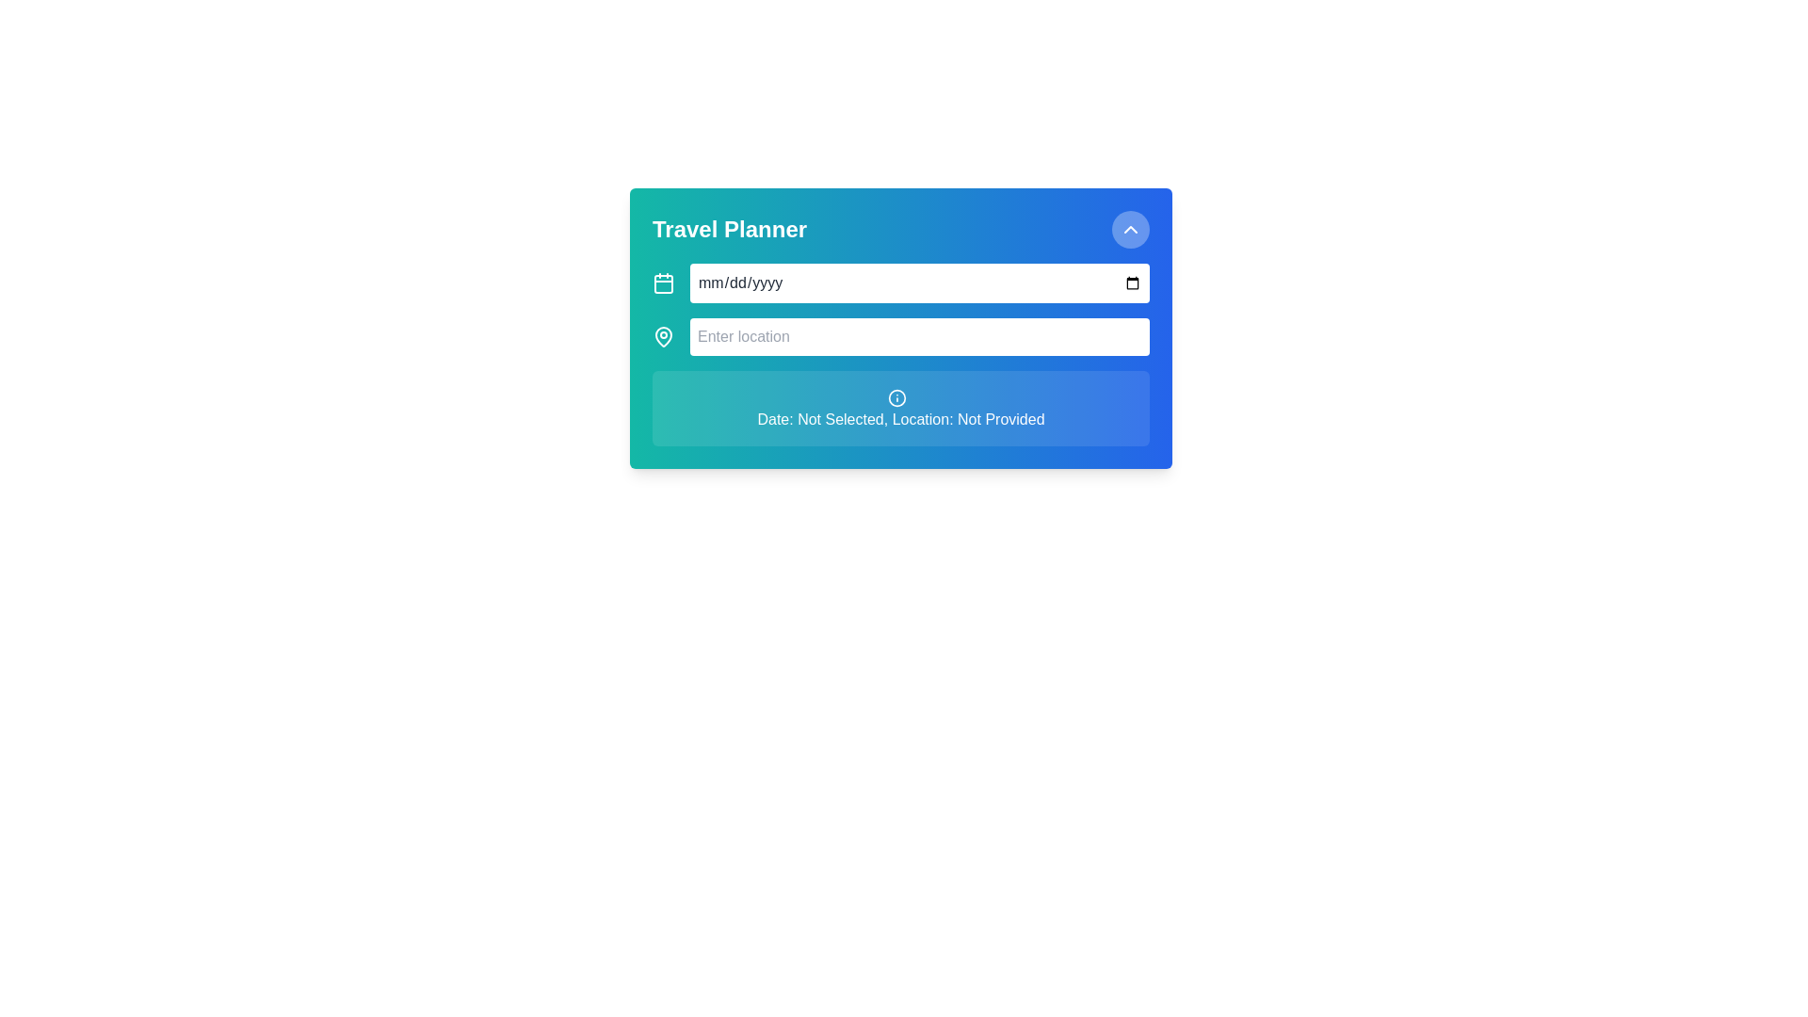 This screenshot has height=1017, width=1808. Describe the element at coordinates (664, 335) in the screenshot. I see `the pin-shaped icon located to the left of the 'Enter location' input field within the 'Travel Planner' card` at that location.